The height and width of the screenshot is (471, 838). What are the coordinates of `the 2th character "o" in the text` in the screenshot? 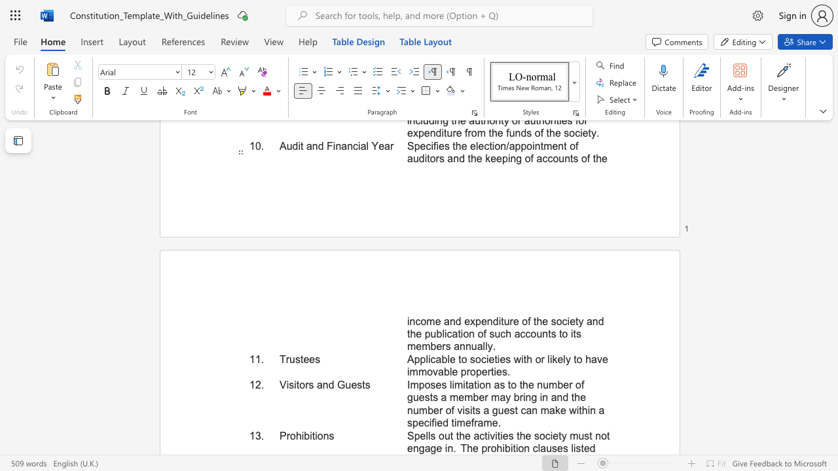 It's located at (320, 436).